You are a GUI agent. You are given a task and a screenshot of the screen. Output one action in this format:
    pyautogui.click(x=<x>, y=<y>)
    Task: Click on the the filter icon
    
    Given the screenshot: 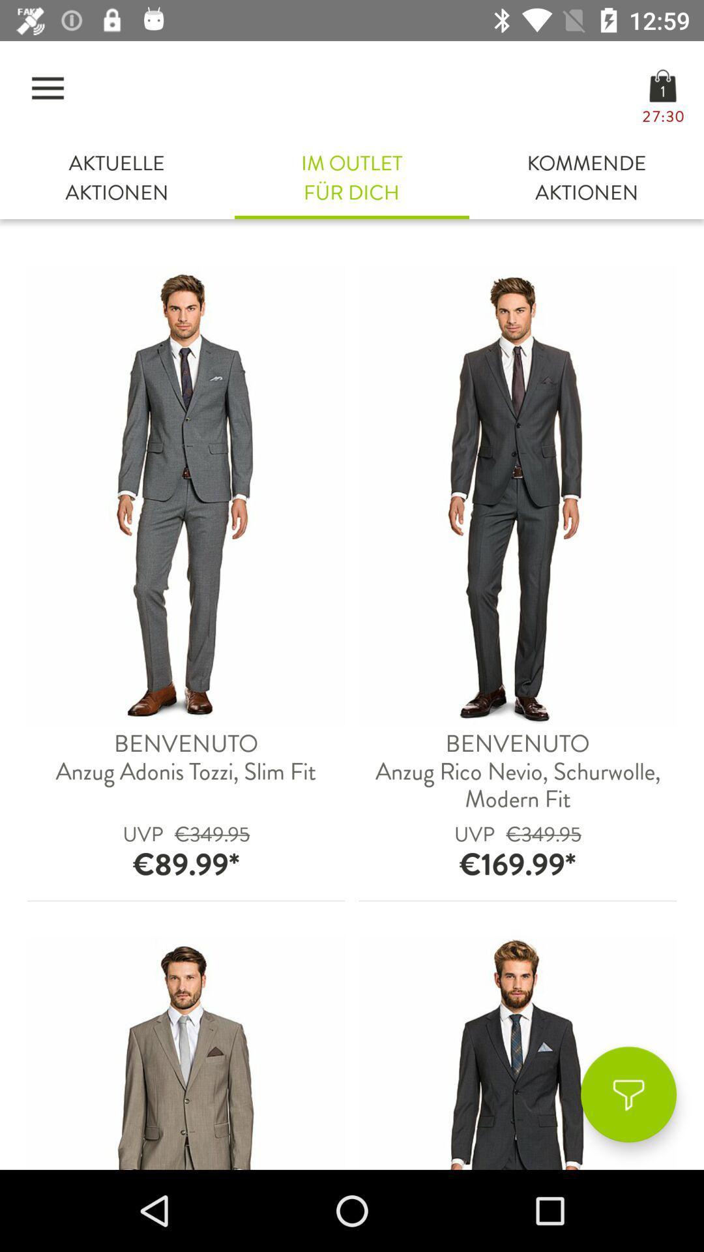 What is the action you would take?
    pyautogui.click(x=628, y=1094)
    